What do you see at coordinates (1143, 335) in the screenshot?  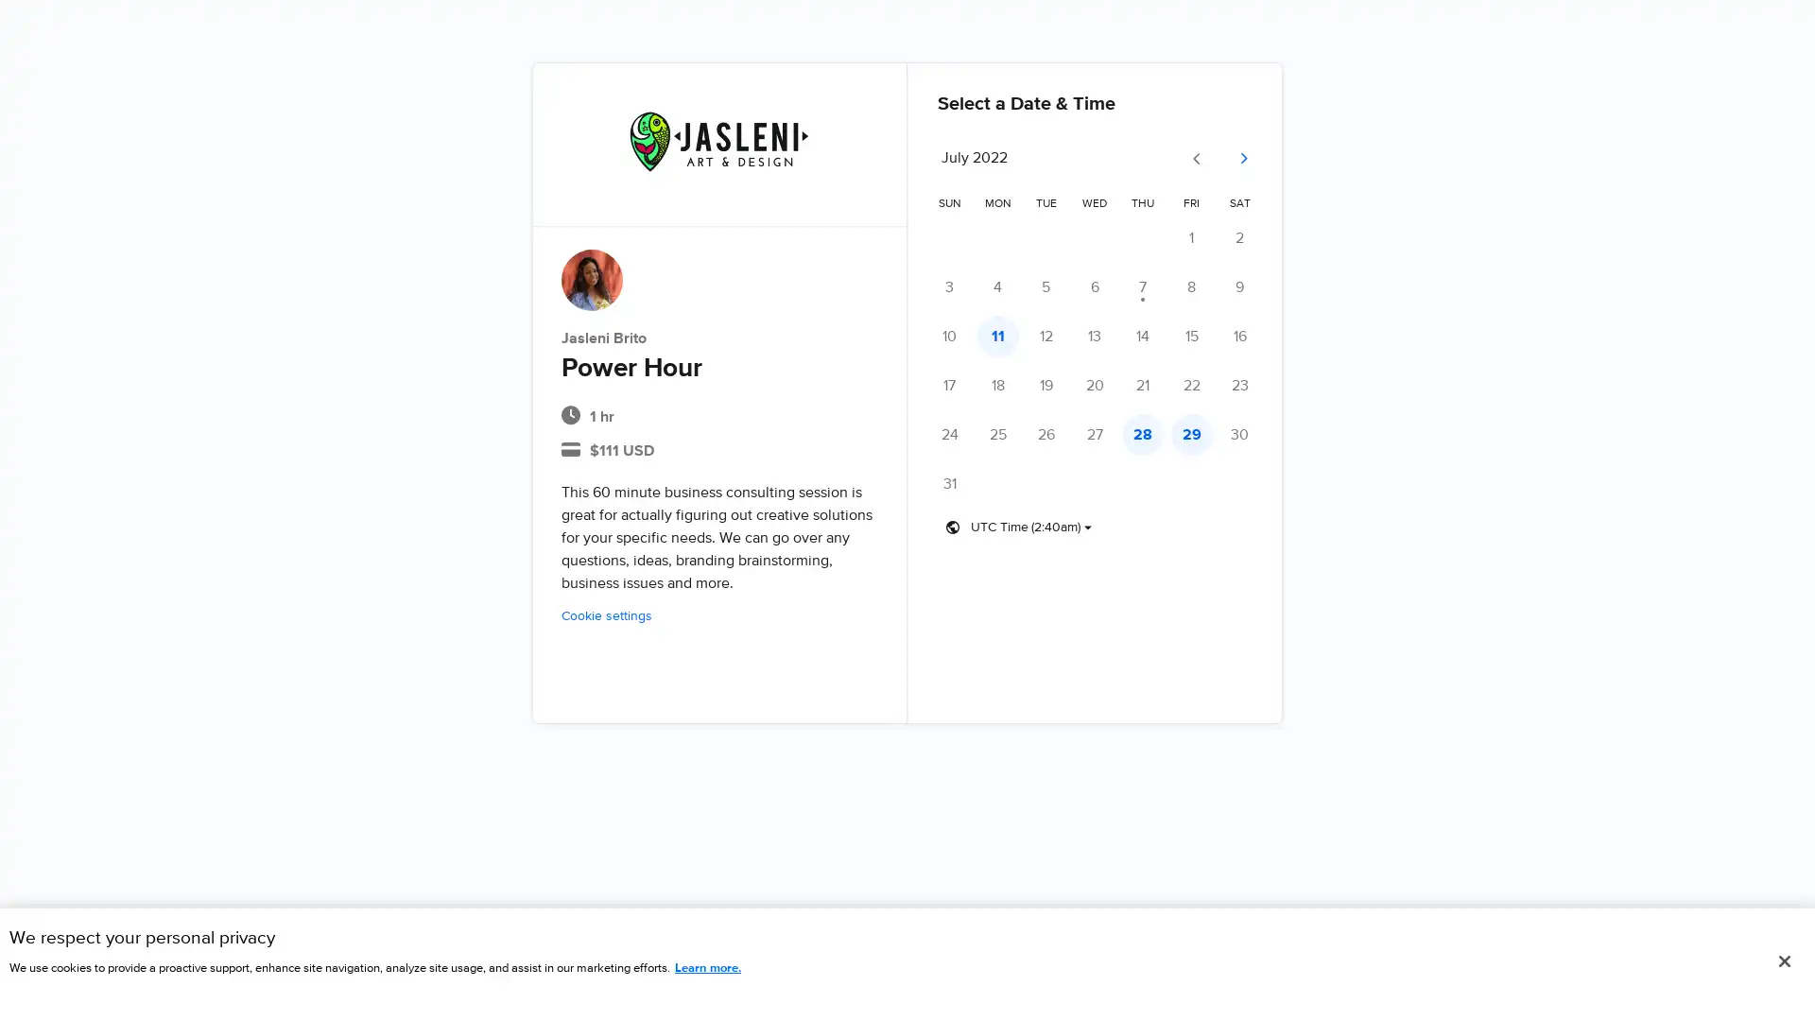 I see `Thursday, July 14 - No times available` at bounding box center [1143, 335].